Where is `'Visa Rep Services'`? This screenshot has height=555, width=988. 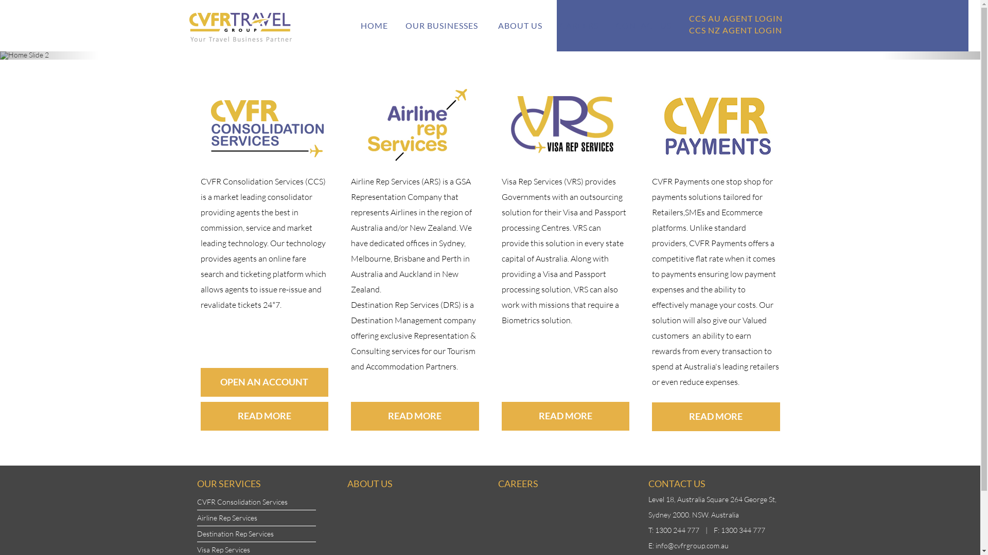
'Visa Rep Services' is located at coordinates (222, 549).